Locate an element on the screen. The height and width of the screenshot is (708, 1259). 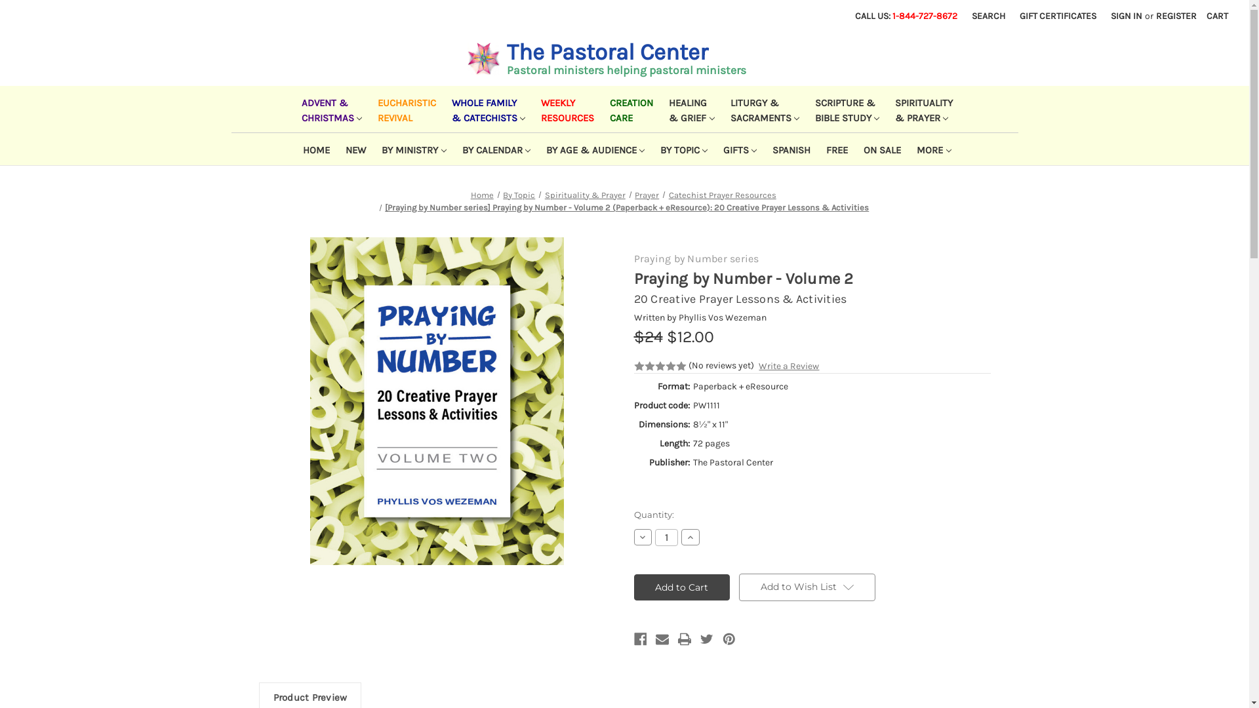
'CREATION is located at coordinates (628, 108).